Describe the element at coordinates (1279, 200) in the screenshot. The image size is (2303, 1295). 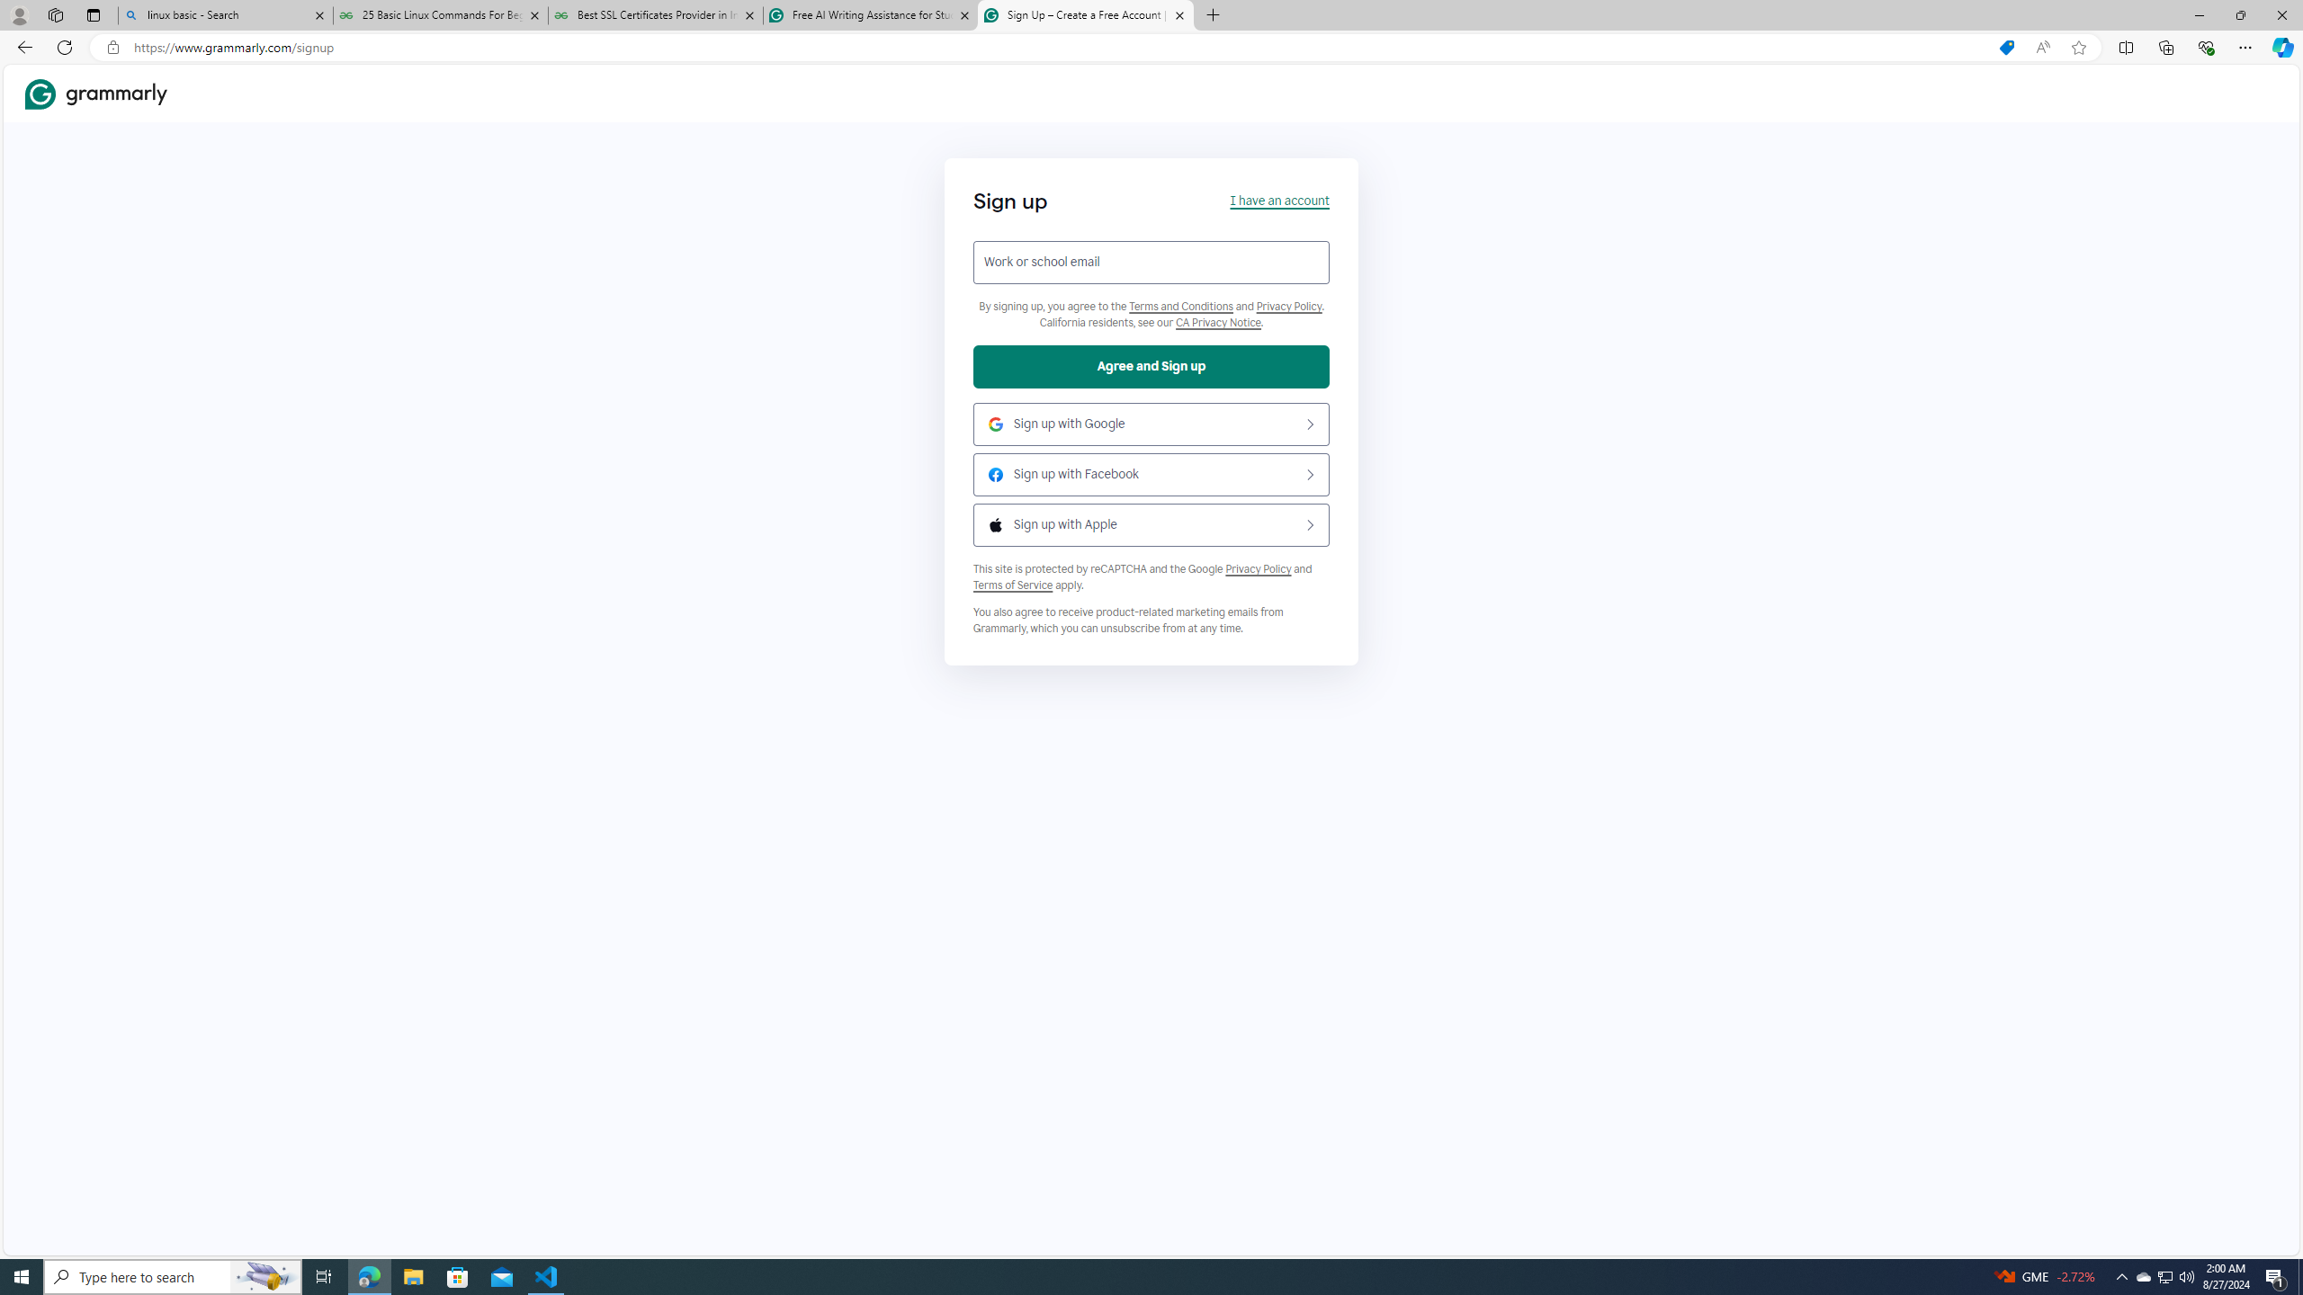
I see `'I have an account'` at that location.